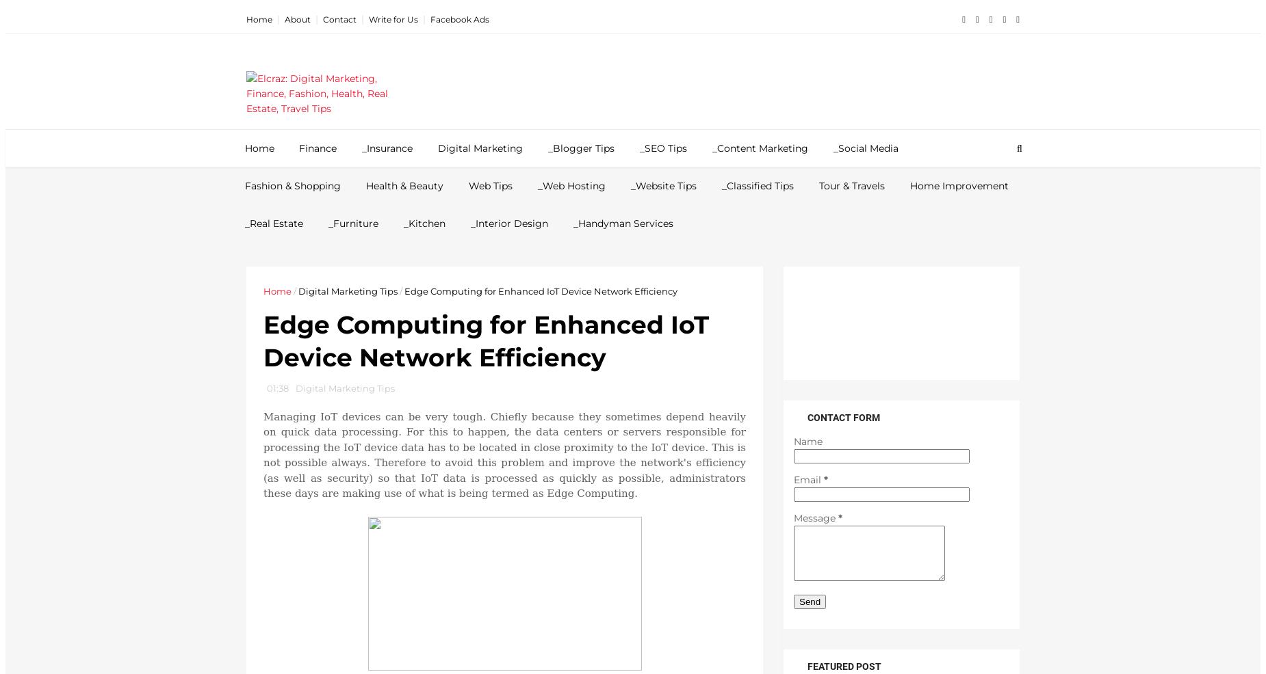 Image resolution: width=1266 pixels, height=674 pixels. Describe the element at coordinates (843, 418) in the screenshot. I see `'Contact Form'` at that location.